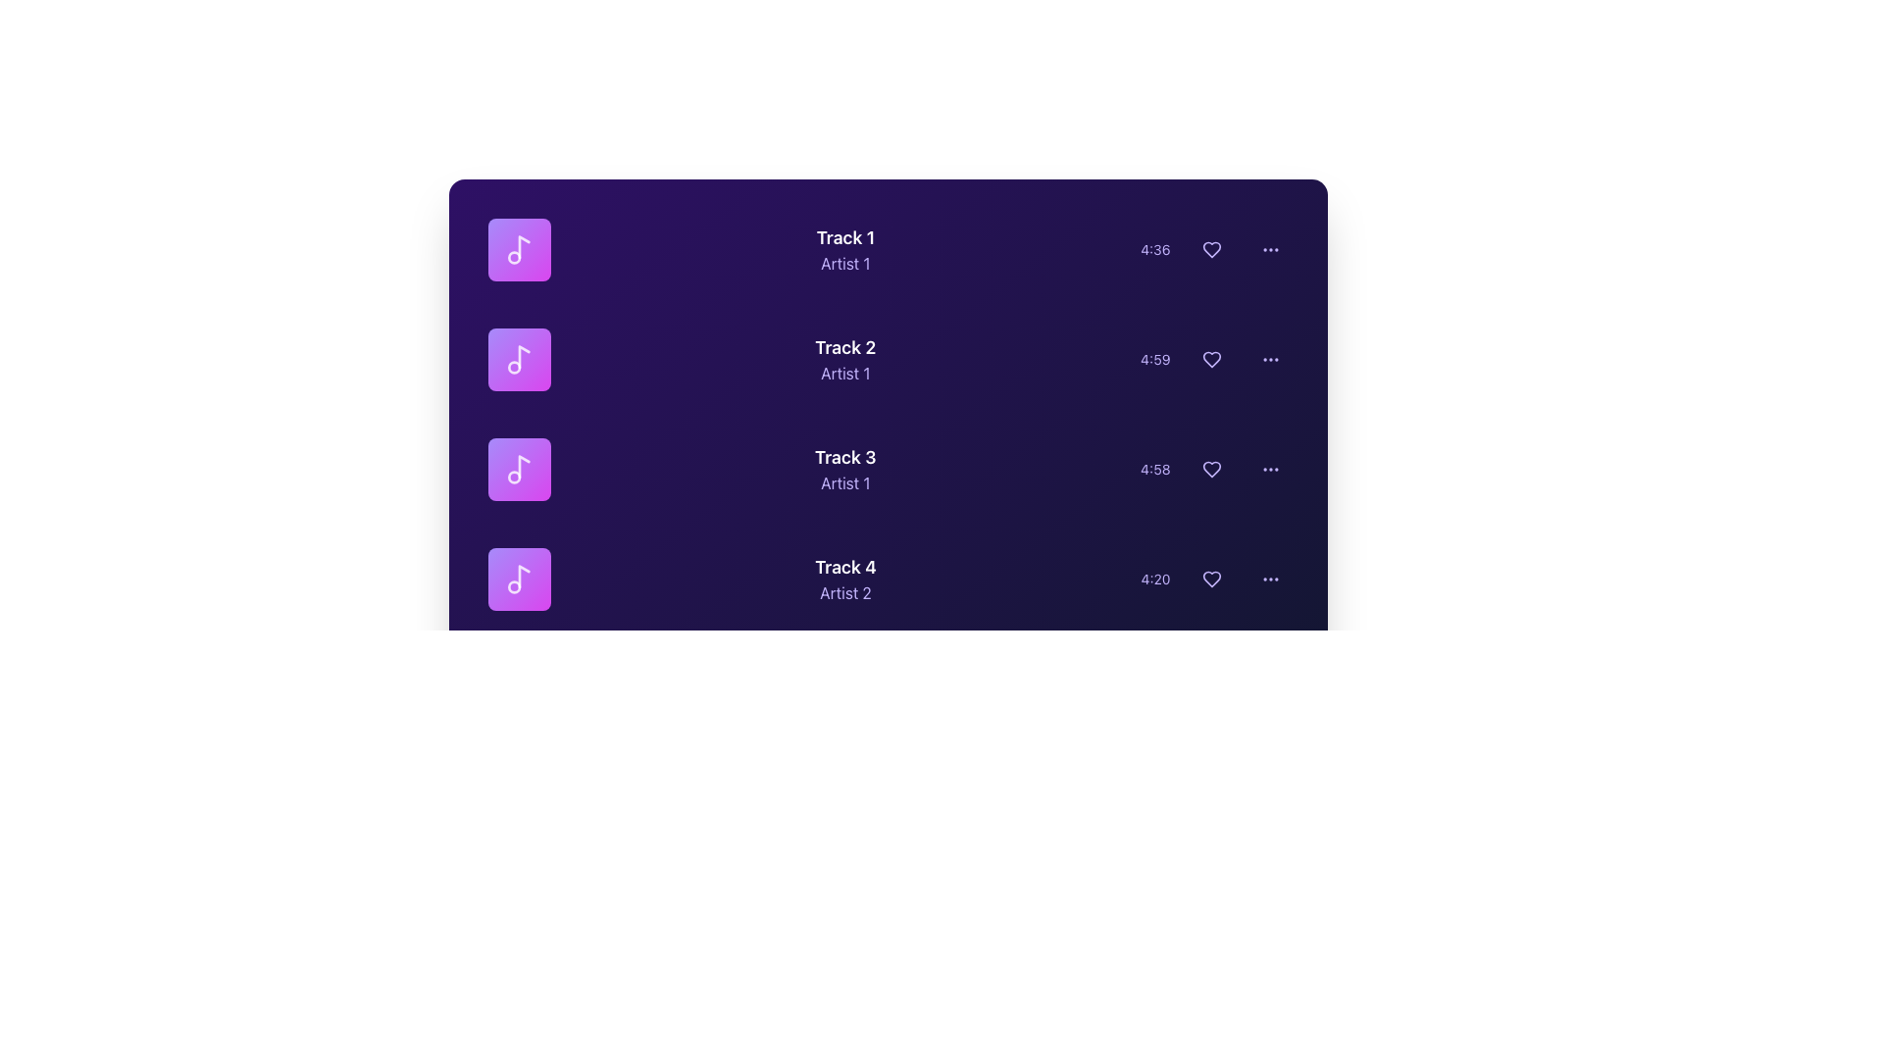  Describe the element at coordinates (887, 578) in the screenshot. I see `the fourth track in the playlist list item` at that location.